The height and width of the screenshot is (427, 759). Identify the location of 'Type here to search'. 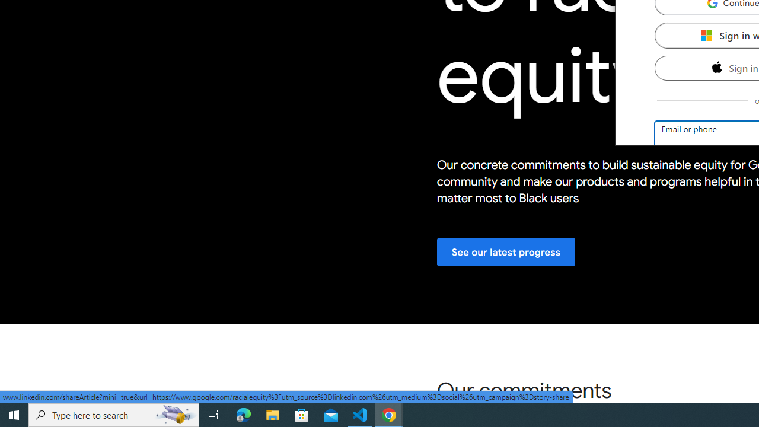
(114, 414).